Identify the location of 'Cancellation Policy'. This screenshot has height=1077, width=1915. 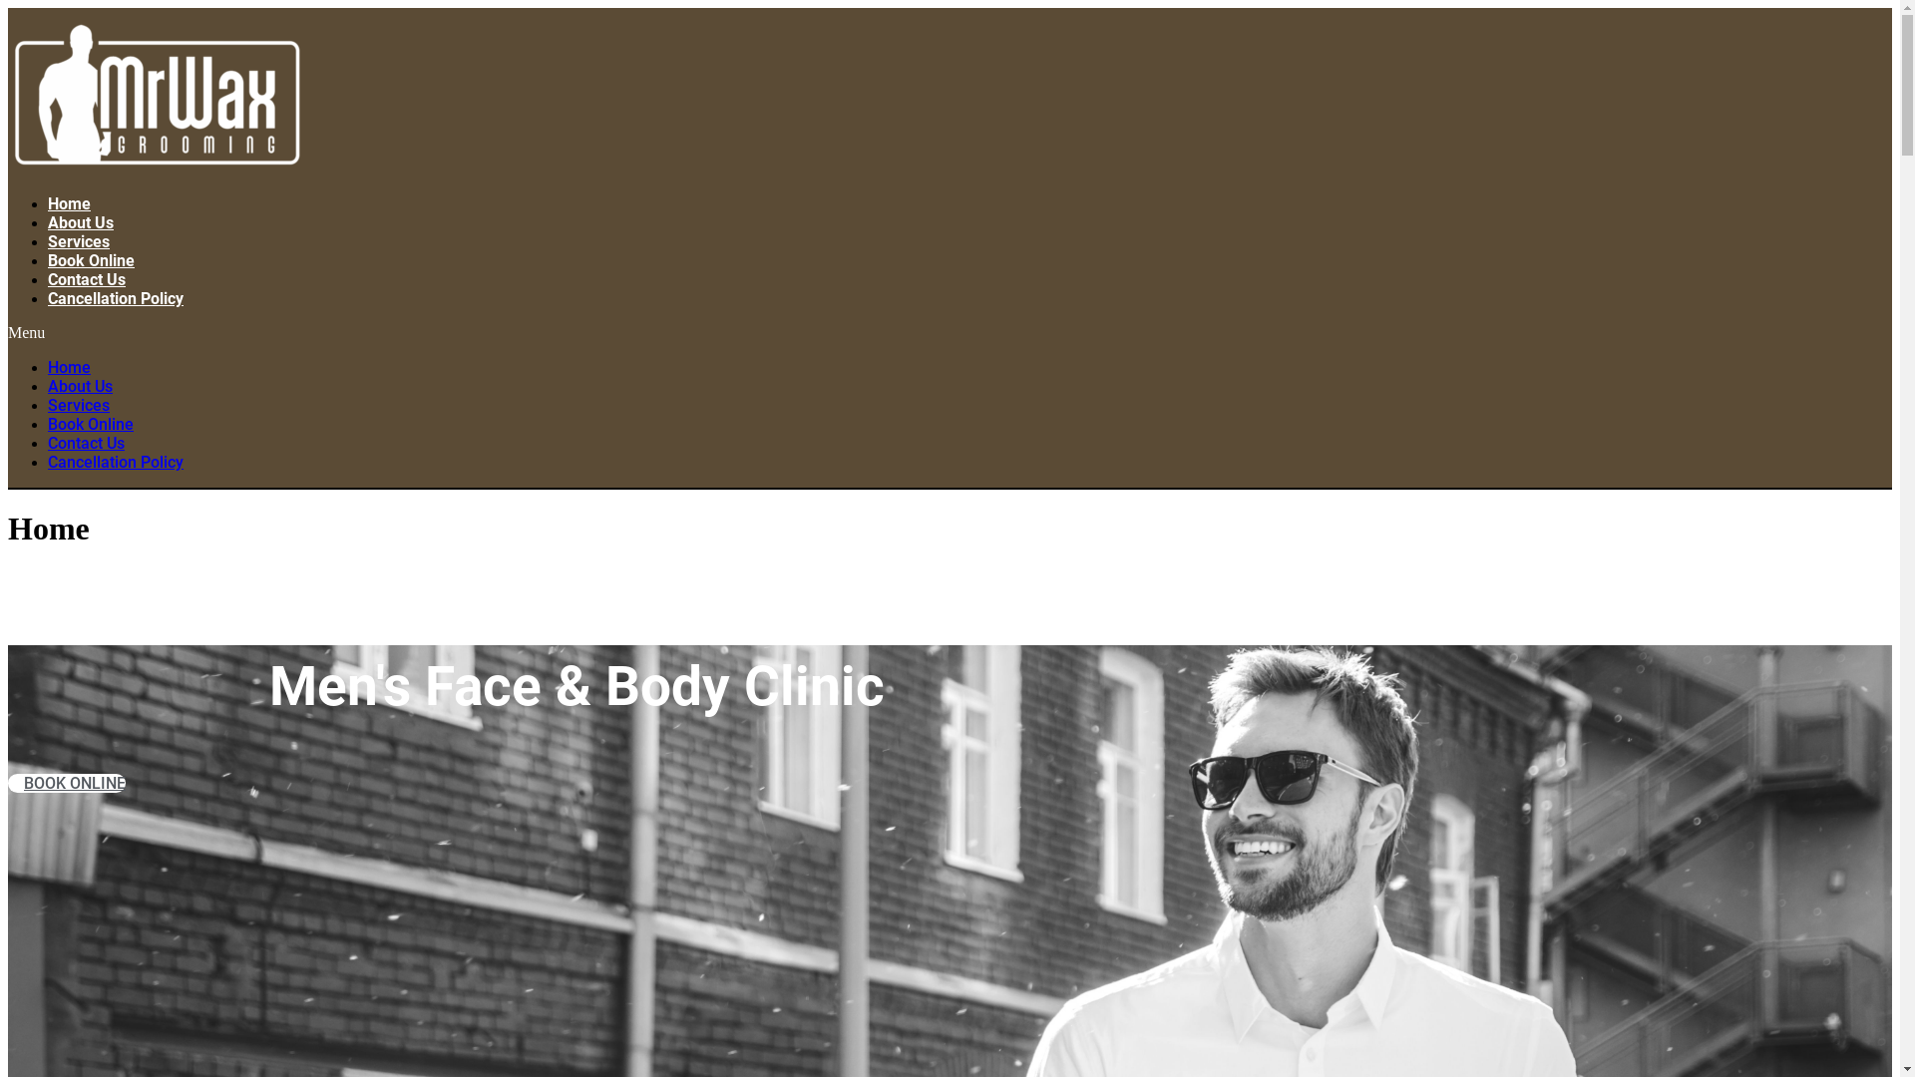
(114, 462).